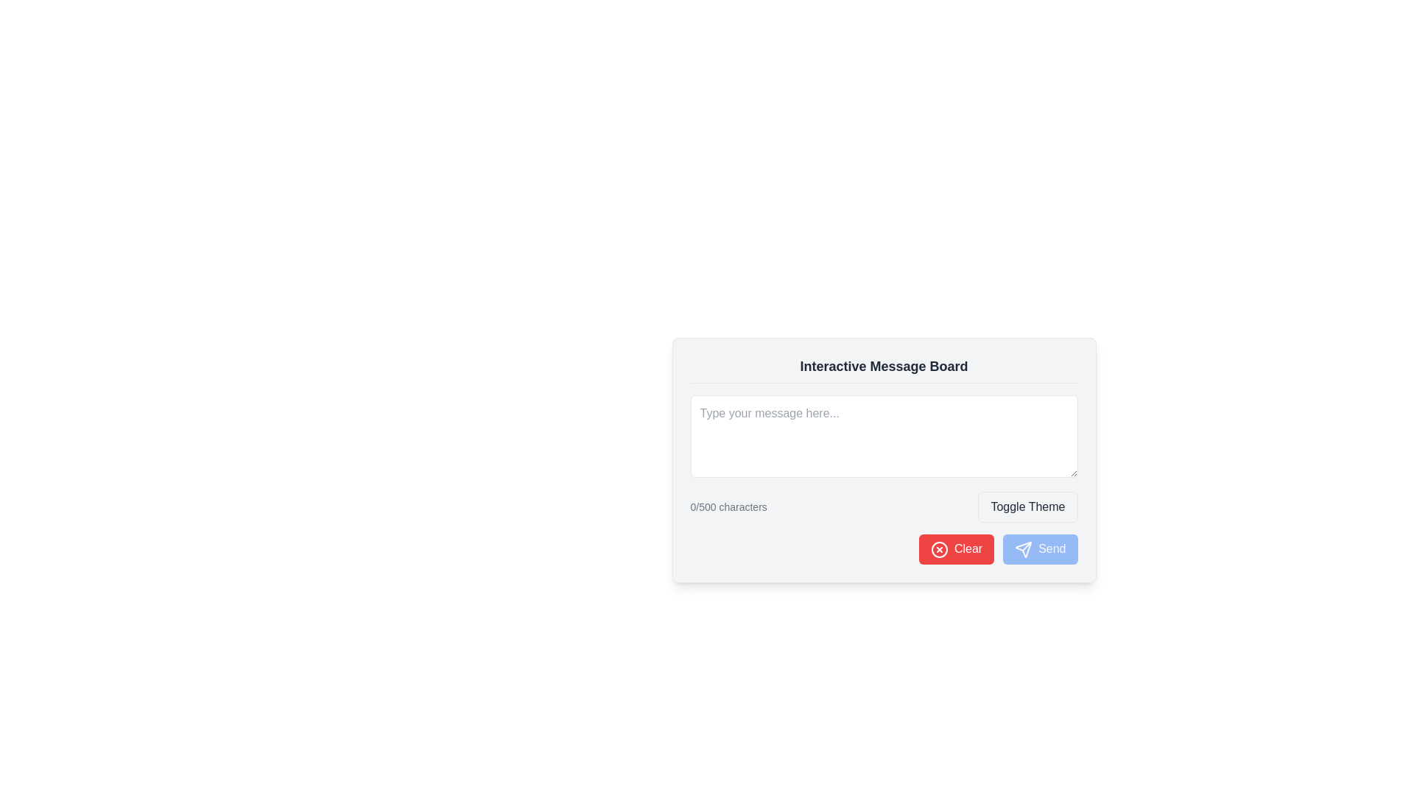 The width and height of the screenshot is (1414, 795). I want to click on the content in the text area located above the '0/500 characters' indicator and below the title 'Interactive Message Board', so click(884, 459).